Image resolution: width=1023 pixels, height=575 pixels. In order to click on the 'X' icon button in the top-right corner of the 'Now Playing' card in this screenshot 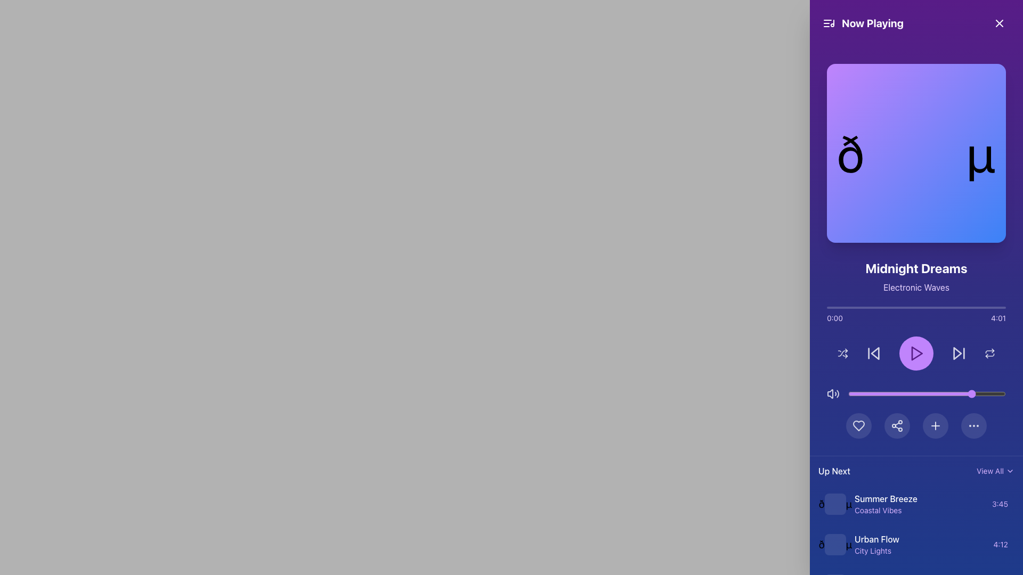, I will do `click(999, 23)`.